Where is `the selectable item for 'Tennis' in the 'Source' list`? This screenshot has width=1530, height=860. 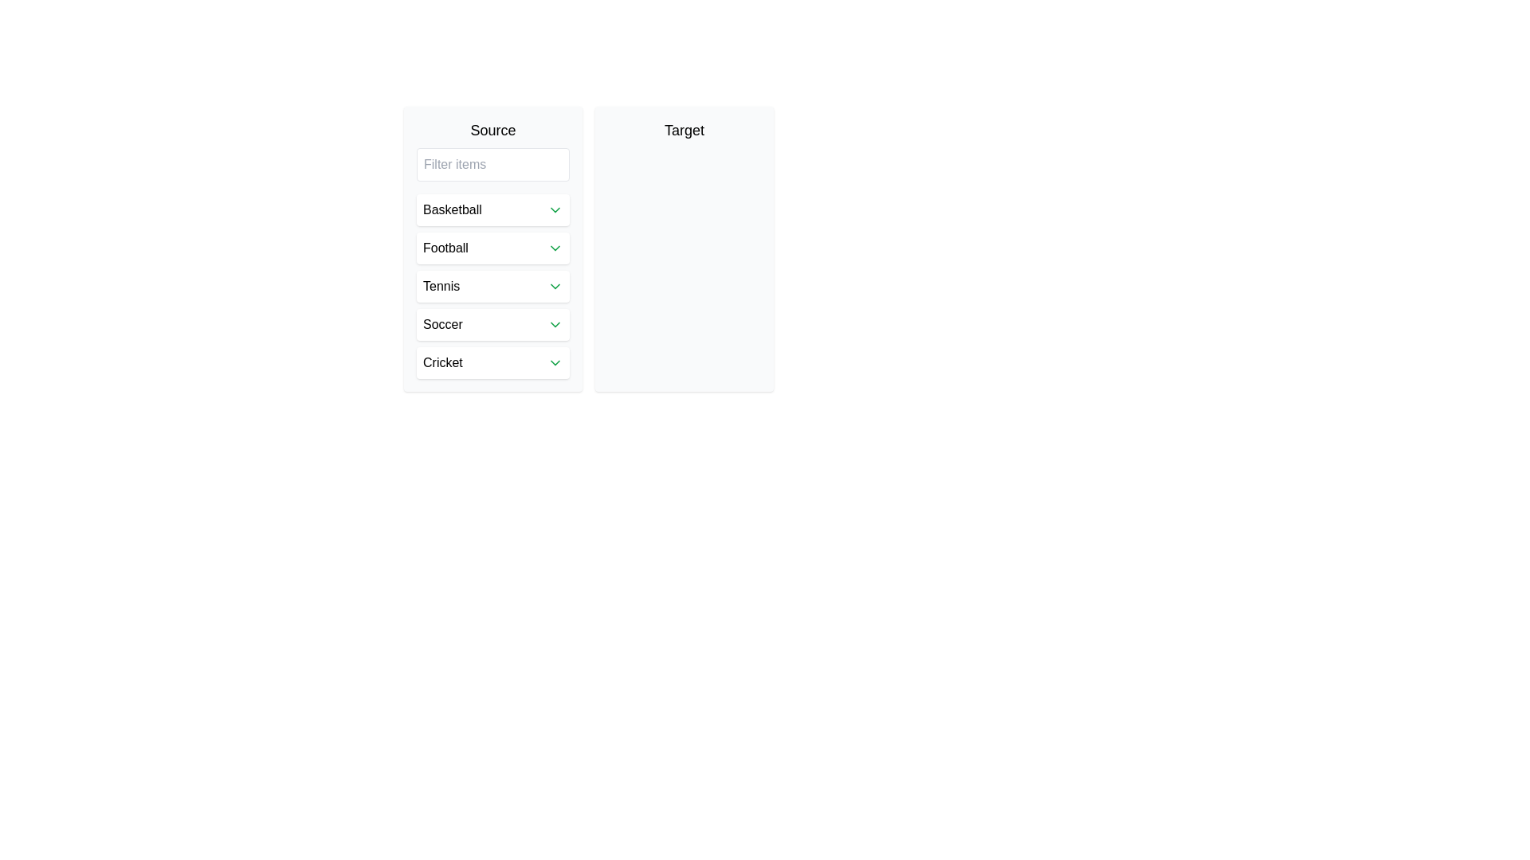 the selectable item for 'Tennis' in the 'Source' list is located at coordinates (492, 285).